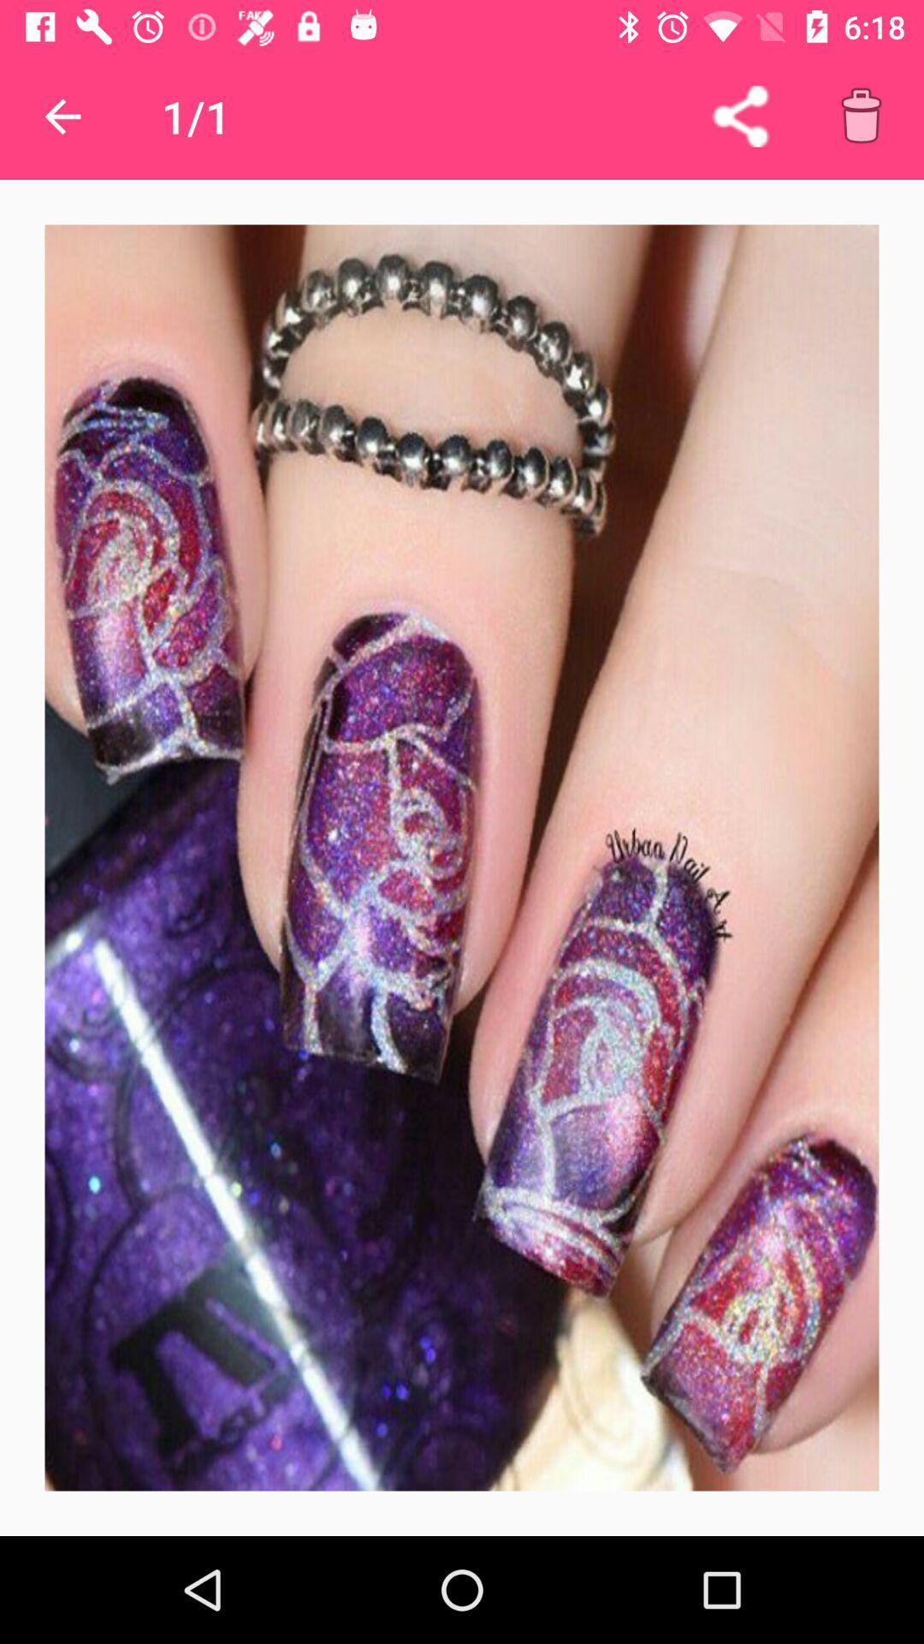  Describe the element at coordinates (861, 116) in the screenshot. I see `delete this item` at that location.